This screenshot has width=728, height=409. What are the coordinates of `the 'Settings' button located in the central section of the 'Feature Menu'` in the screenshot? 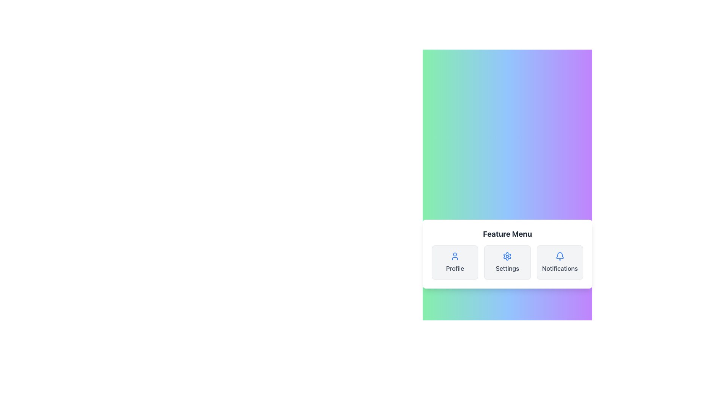 It's located at (507, 262).